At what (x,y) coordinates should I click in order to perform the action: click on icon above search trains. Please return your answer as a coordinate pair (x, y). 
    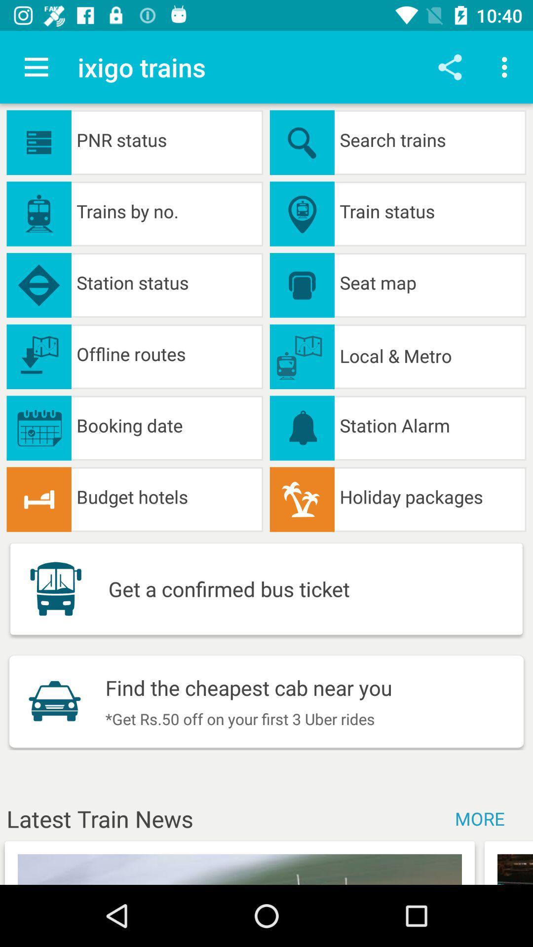
    Looking at the image, I should click on (507, 67).